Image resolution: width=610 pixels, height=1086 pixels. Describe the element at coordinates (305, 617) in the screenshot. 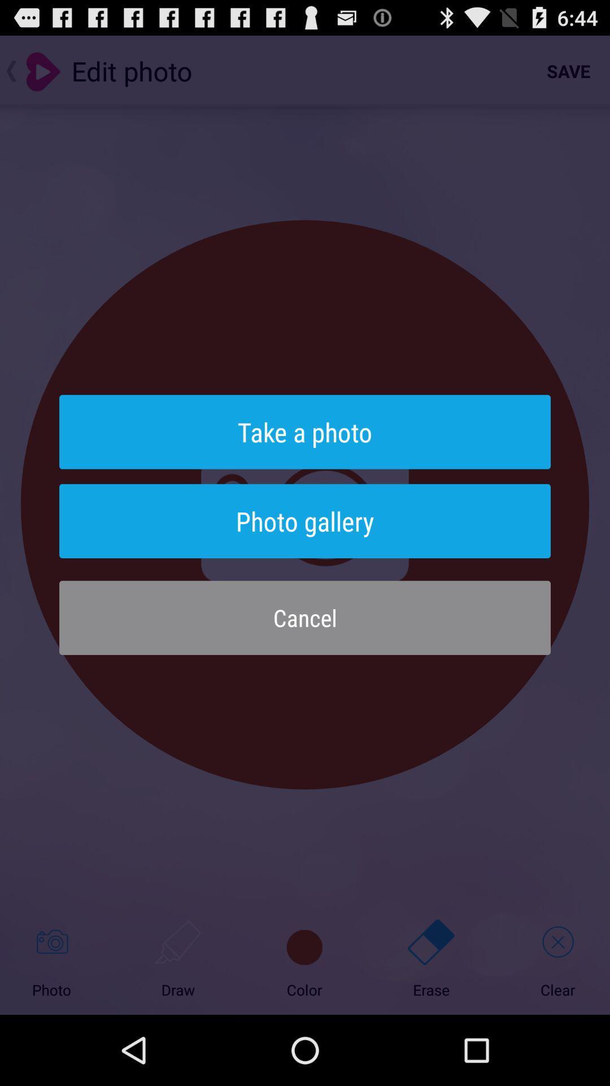

I see `button below the photo gallery icon` at that location.